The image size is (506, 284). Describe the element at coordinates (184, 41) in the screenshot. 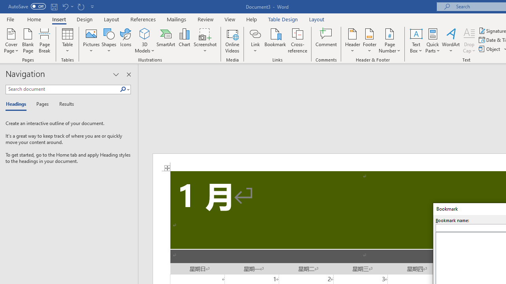

I see `'Chart...'` at that location.